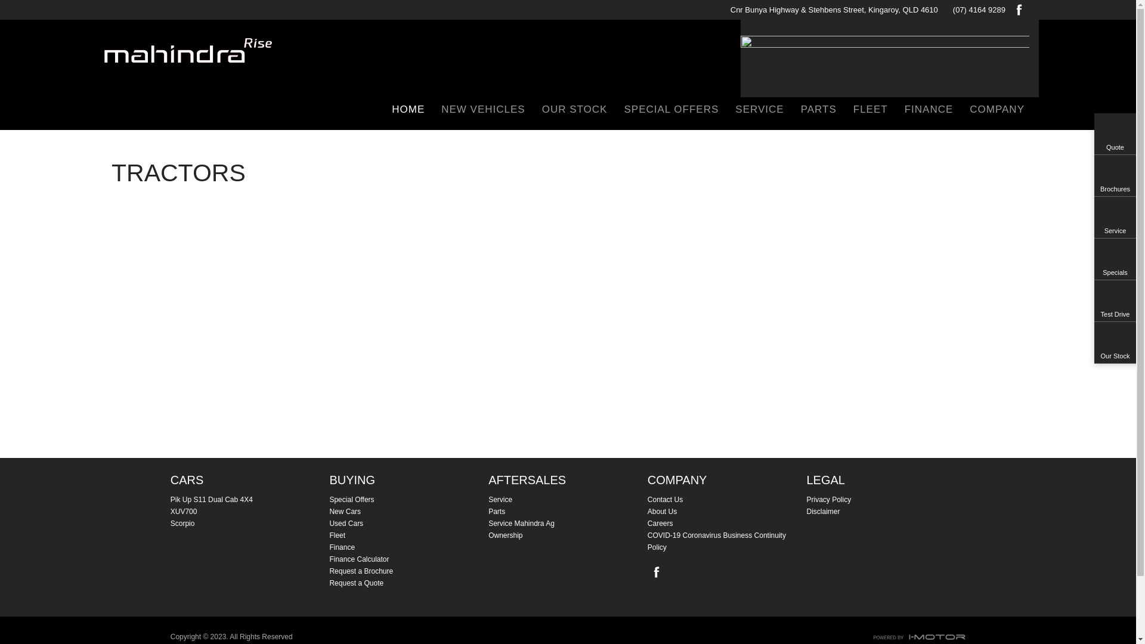 The height and width of the screenshot is (644, 1145). I want to click on 'Request a Brochure', so click(329, 570).